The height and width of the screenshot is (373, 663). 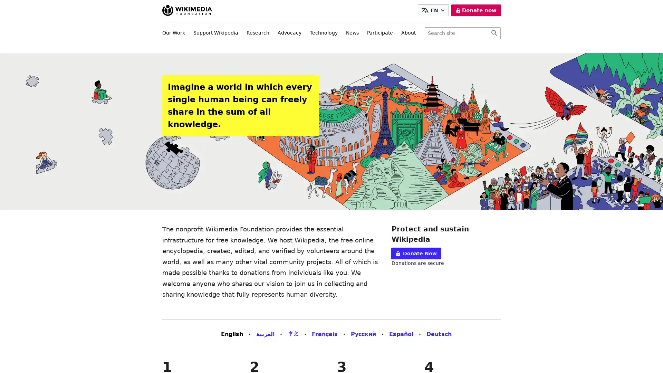 I want to click on Search, so click(x=494, y=33).